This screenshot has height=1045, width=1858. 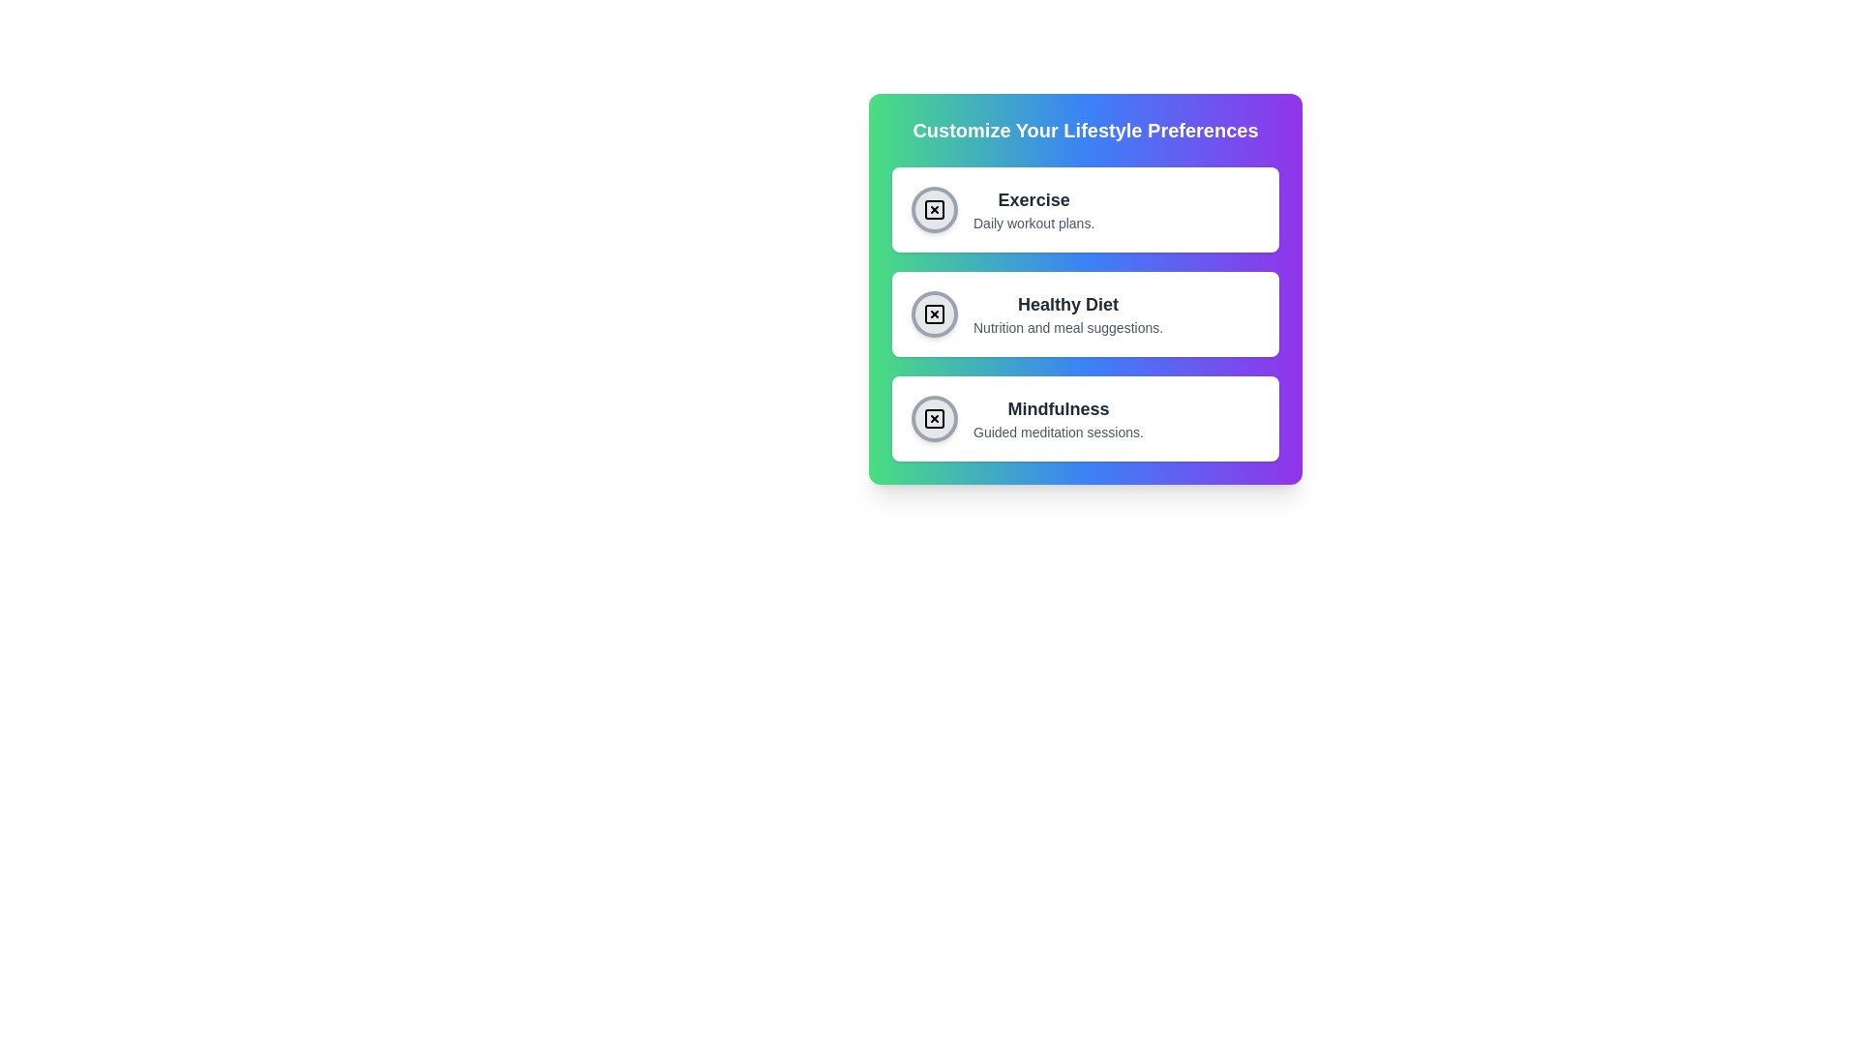 What do you see at coordinates (1086, 313) in the screenshot?
I see `the Card component that provides information about healthy dieting, located in the center of the vertical list of three cards` at bounding box center [1086, 313].